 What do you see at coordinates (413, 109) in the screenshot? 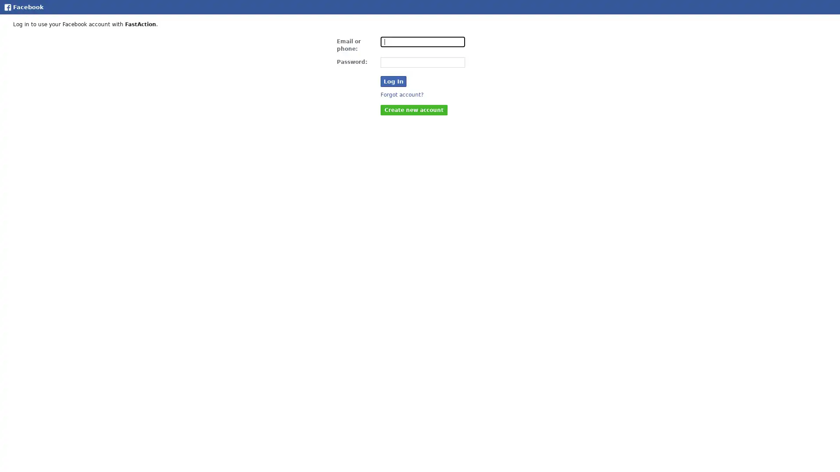
I see `Create new account` at bounding box center [413, 109].